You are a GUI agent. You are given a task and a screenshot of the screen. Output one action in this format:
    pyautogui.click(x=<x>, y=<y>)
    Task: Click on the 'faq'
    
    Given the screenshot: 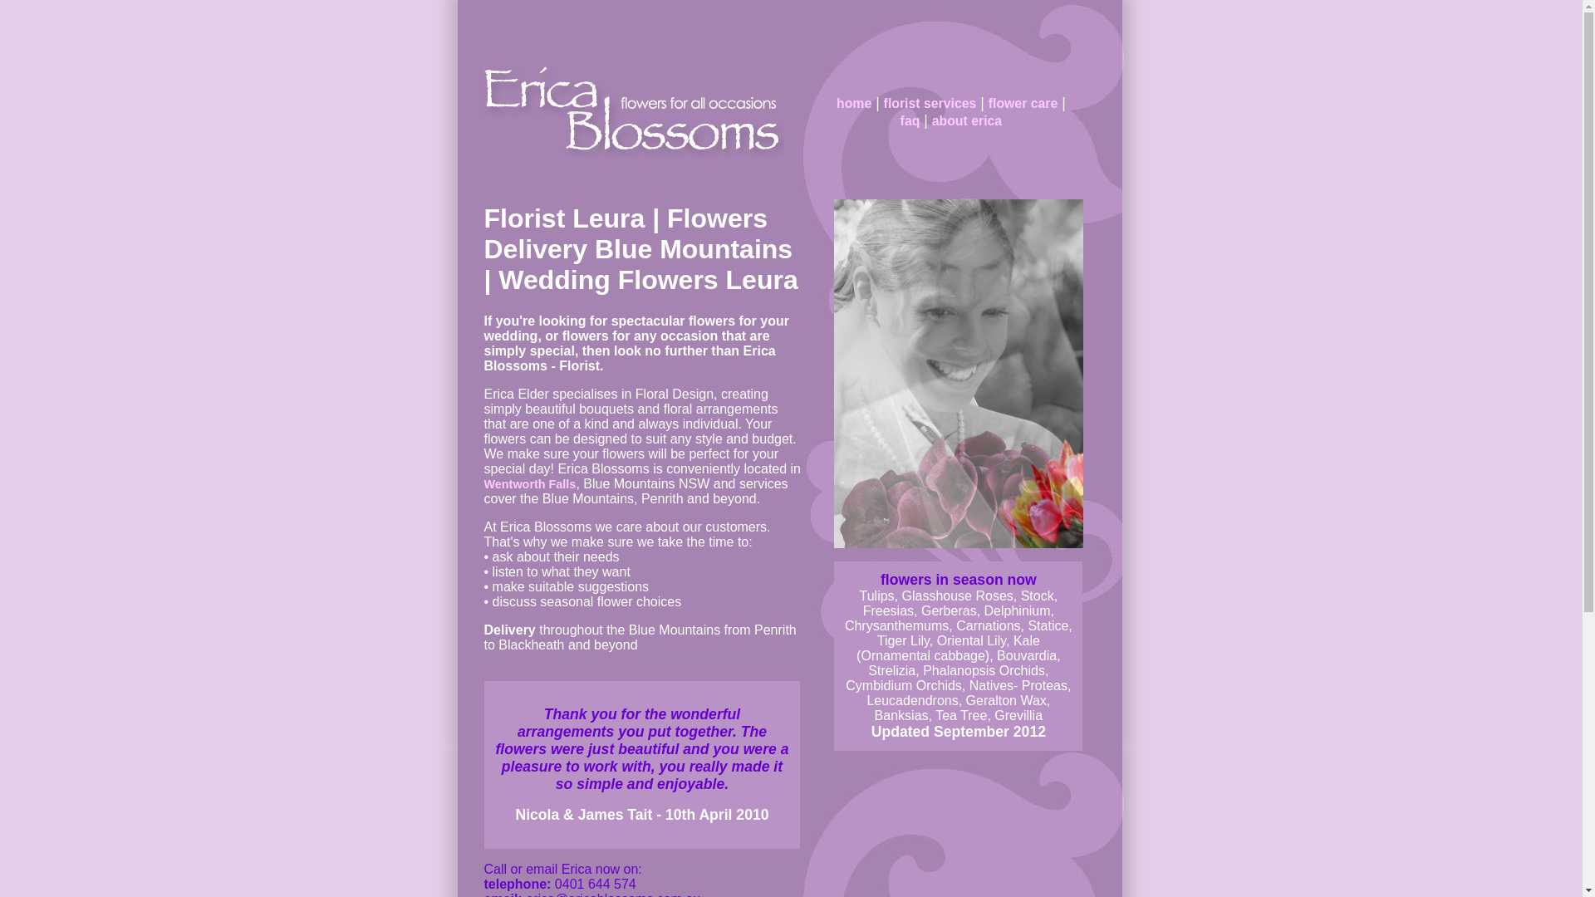 What is the action you would take?
    pyautogui.click(x=983, y=128)
    